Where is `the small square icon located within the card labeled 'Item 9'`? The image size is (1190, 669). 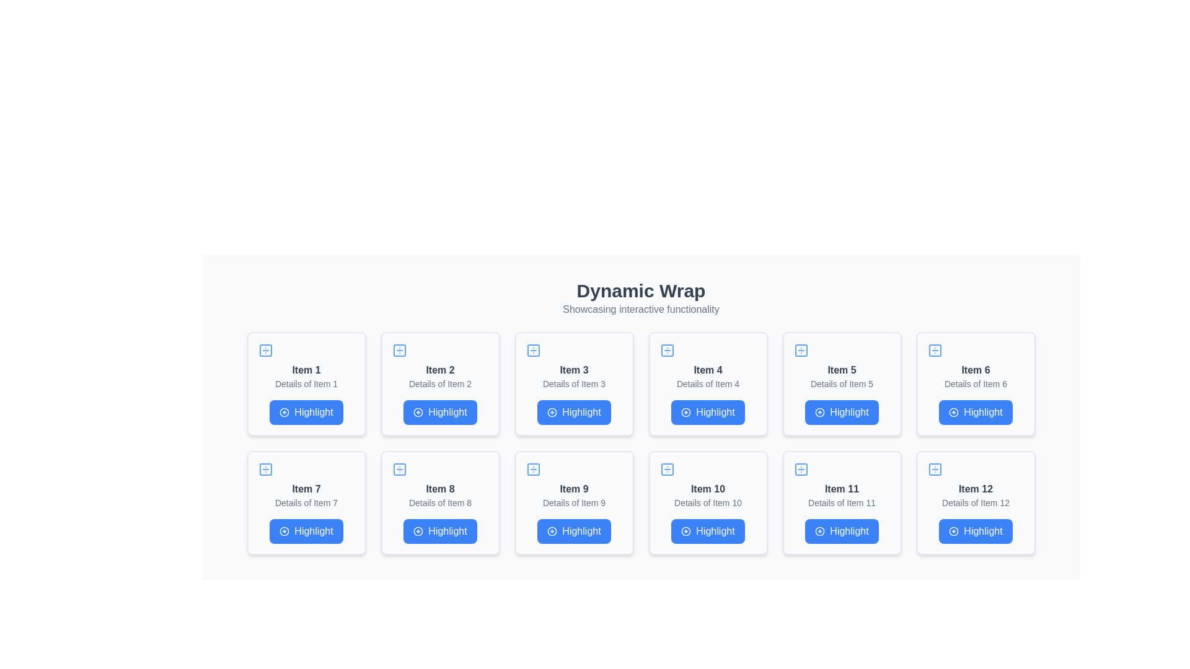
the small square icon located within the card labeled 'Item 9' is located at coordinates (533, 470).